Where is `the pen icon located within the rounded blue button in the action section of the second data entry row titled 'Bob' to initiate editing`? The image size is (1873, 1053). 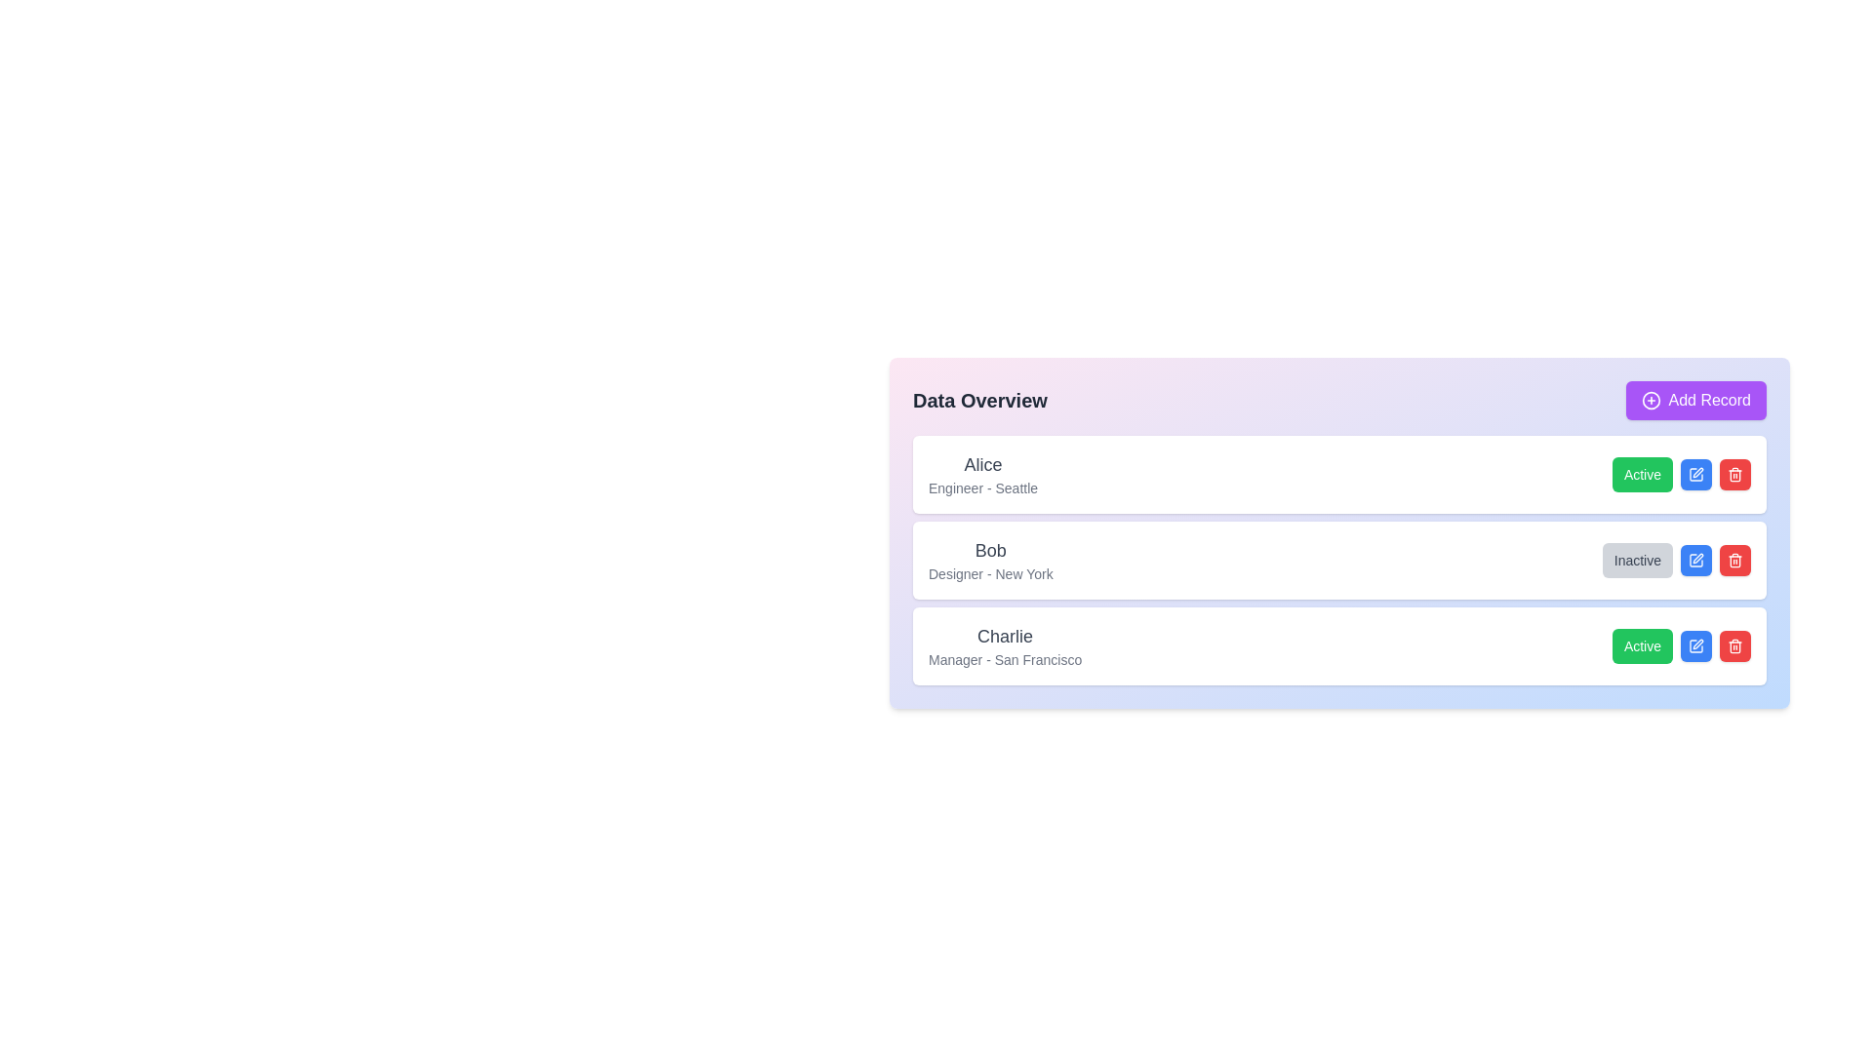
the pen icon located within the rounded blue button in the action section of the second data entry row titled 'Bob' to initiate editing is located at coordinates (1694, 474).